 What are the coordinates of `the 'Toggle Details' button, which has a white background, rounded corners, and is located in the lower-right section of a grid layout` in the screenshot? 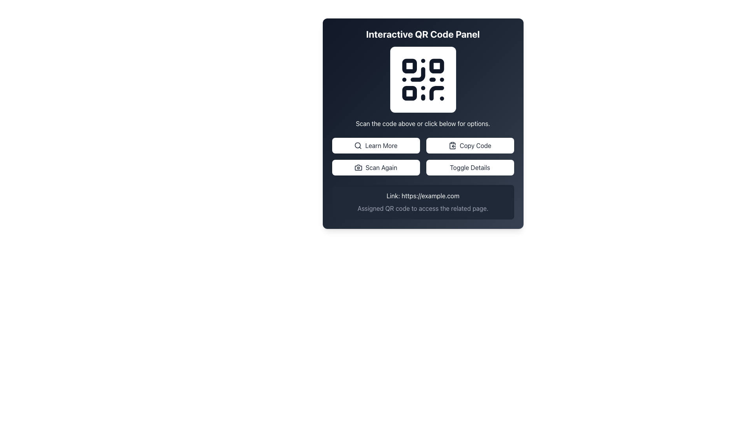 It's located at (470, 167).